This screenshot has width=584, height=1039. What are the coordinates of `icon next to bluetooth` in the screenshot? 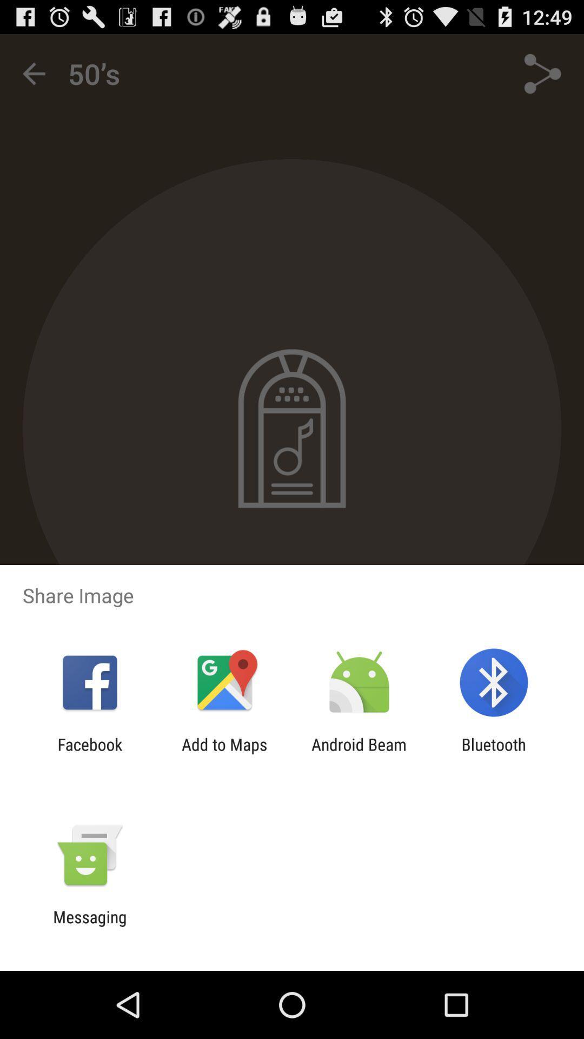 It's located at (359, 753).